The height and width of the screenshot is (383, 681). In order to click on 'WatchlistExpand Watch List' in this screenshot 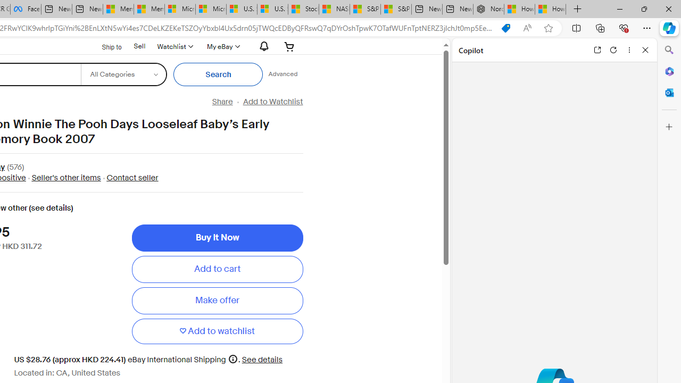, I will do `click(175, 46)`.